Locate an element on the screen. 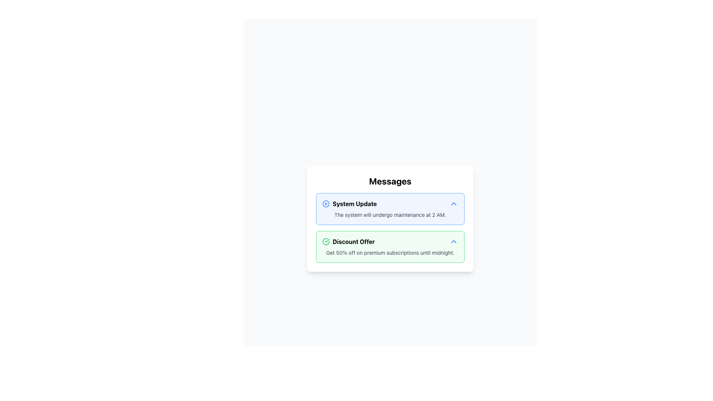  the 'System Update' text label next to the blue icon with a circle and cross is located at coordinates (349, 203).